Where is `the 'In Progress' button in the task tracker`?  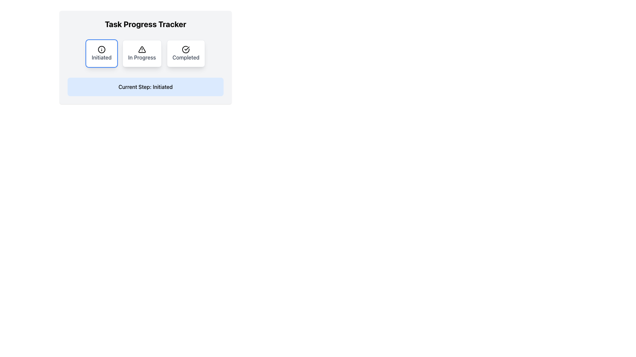
the 'In Progress' button in the task tracker is located at coordinates (145, 53).